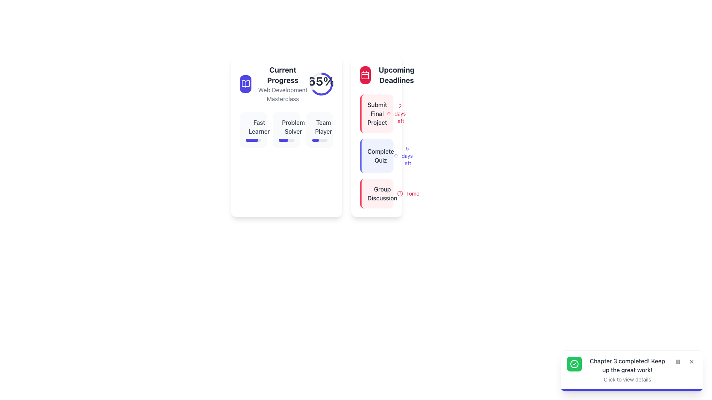  What do you see at coordinates (365, 75) in the screenshot?
I see `the calendar icon with a red background and white calendar design, located in the second card titled 'Upcoming Deadlines.'` at bounding box center [365, 75].